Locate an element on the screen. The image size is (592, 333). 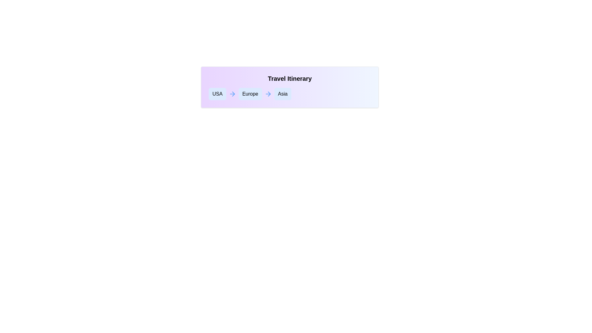
the rightward-pointing blue arrow icon that is positioned between the 'USA' button and the 'Europe' button is located at coordinates (232, 94).